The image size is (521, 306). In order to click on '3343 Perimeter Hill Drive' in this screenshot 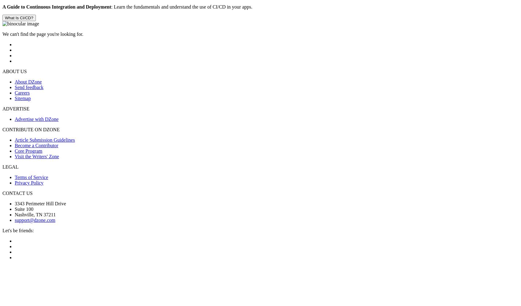, I will do `click(14, 203)`.